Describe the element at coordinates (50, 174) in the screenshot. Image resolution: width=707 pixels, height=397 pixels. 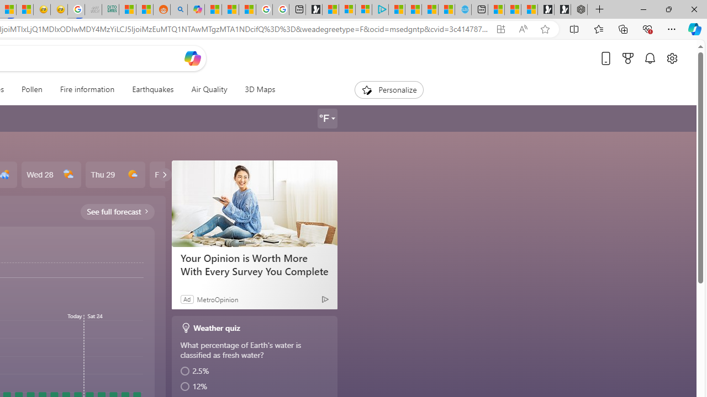
I see `'Wed 28'` at that location.